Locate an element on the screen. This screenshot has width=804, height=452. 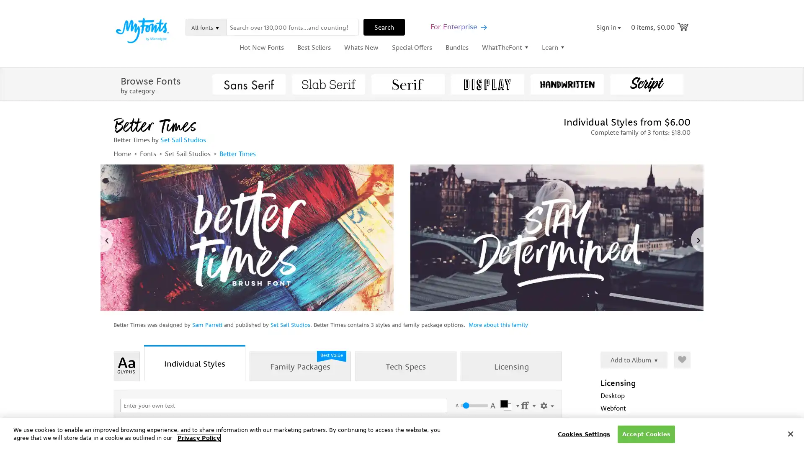
Cookies Settings is located at coordinates (583, 434).